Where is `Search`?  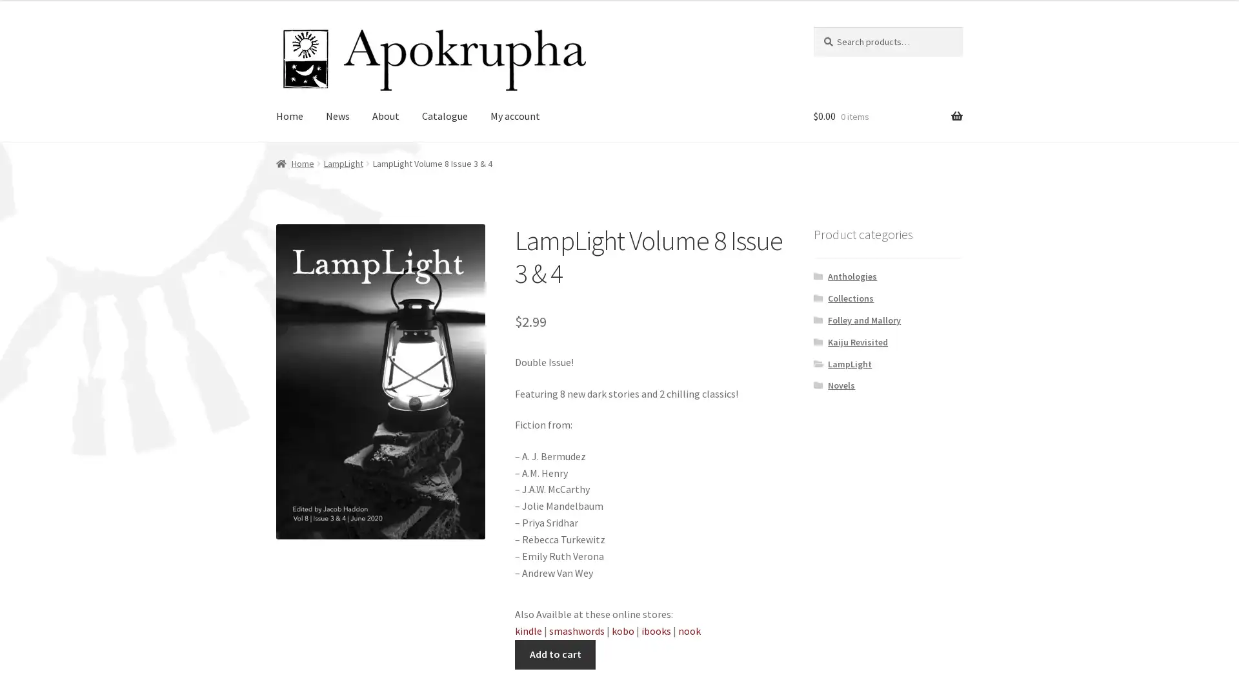 Search is located at coordinates (812, 26).